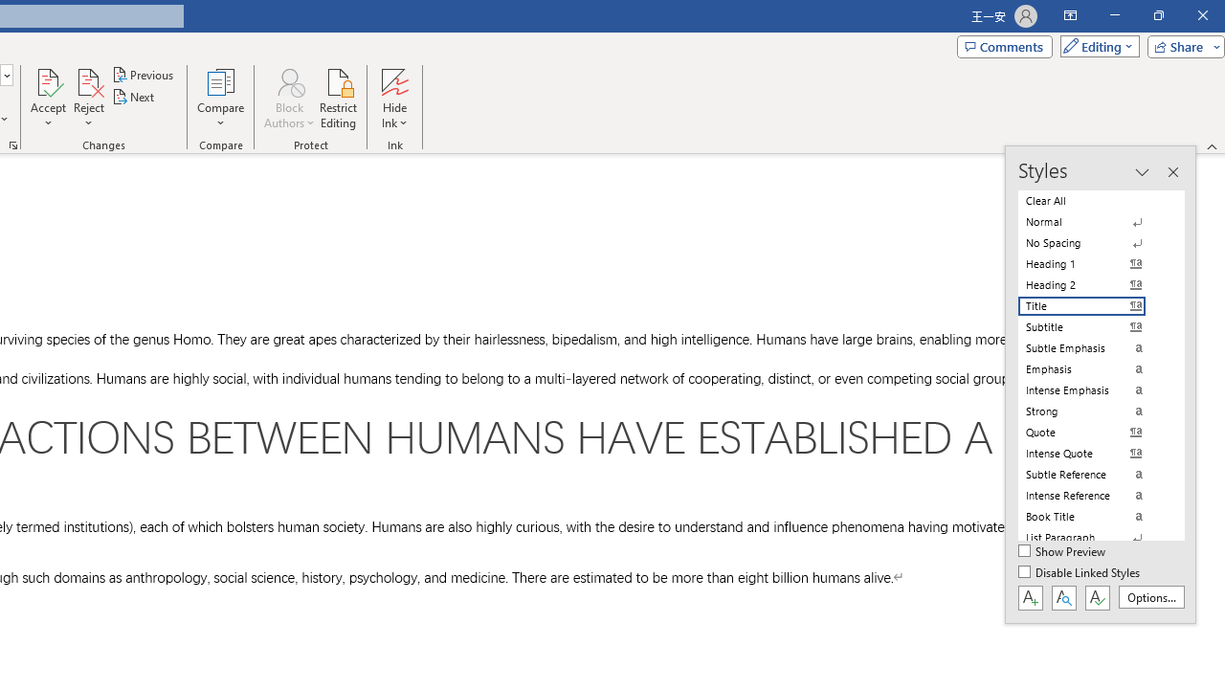 This screenshot has height=689, width=1225. What do you see at coordinates (48, 80) in the screenshot?
I see `'Accept and Move to Next'` at bounding box center [48, 80].